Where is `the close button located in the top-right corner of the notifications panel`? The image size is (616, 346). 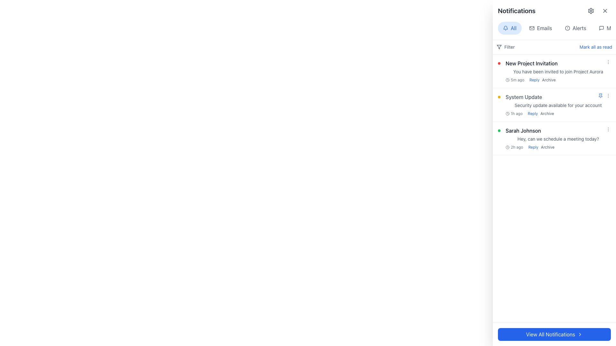 the close button located in the top-right corner of the notifications panel is located at coordinates (605, 11).